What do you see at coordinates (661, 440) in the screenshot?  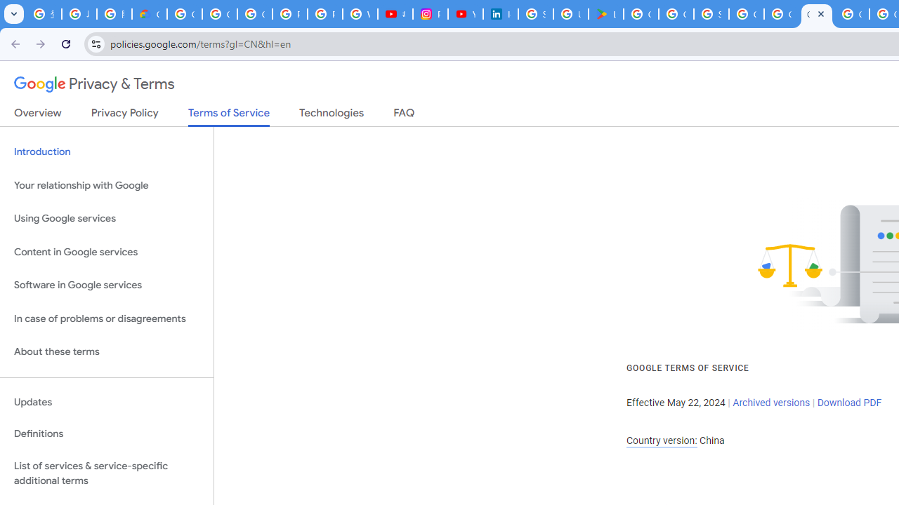 I see `'Country version:'` at bounding box center [661, 440].